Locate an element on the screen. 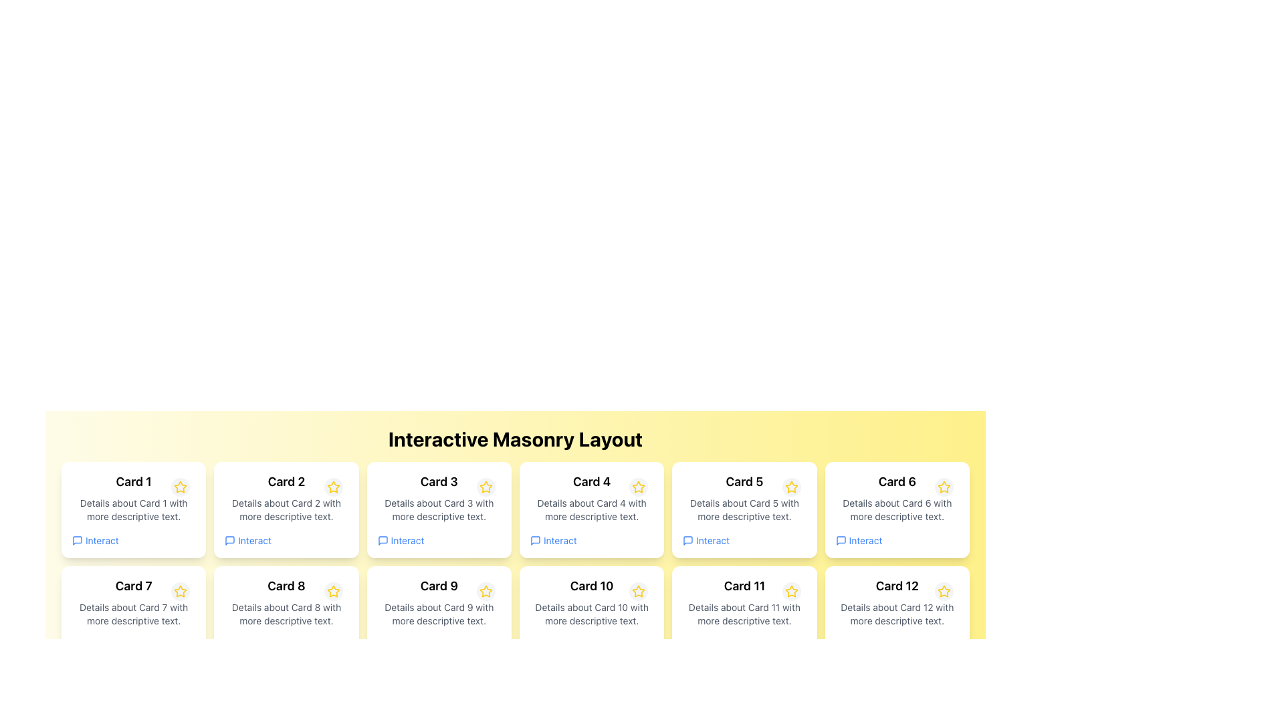  the static textual label displaying 'Card 8', which is the title in the second card from the left in the second row of cards is located at coordinates (286, 585).